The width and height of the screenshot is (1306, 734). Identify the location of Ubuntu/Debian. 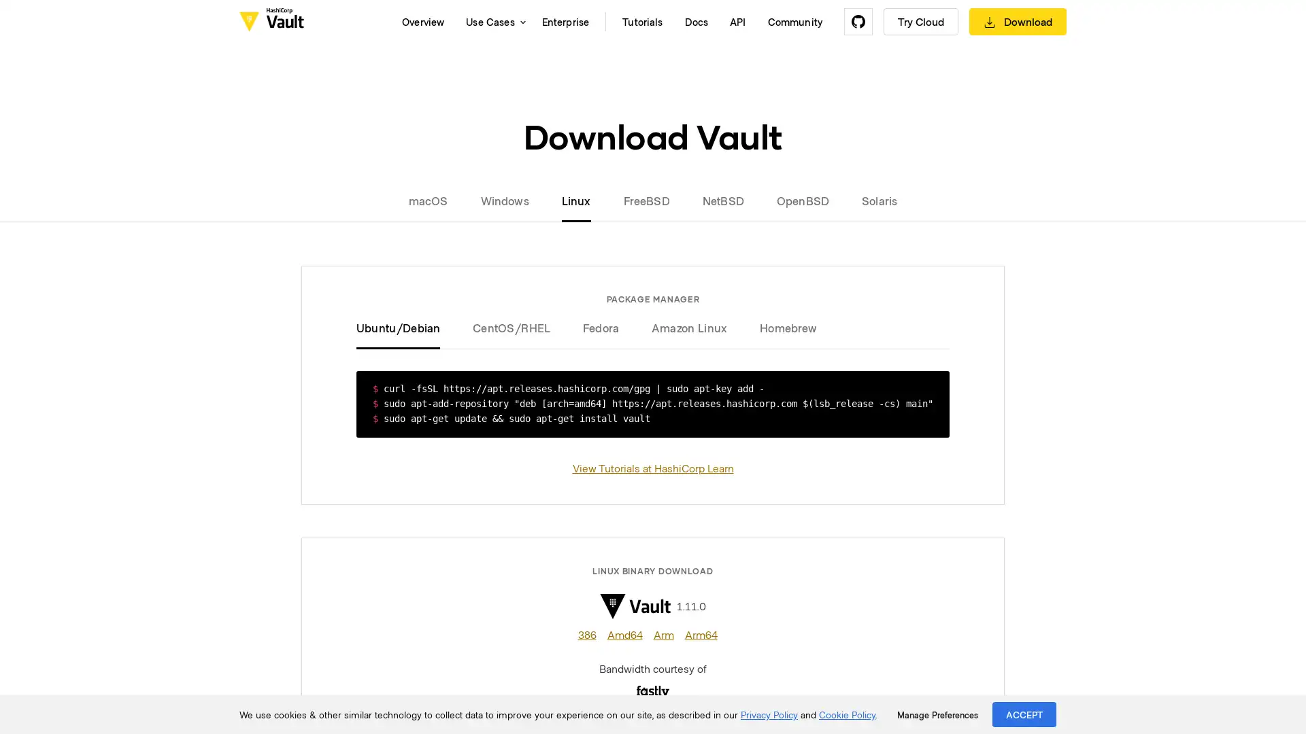
(405, 328).